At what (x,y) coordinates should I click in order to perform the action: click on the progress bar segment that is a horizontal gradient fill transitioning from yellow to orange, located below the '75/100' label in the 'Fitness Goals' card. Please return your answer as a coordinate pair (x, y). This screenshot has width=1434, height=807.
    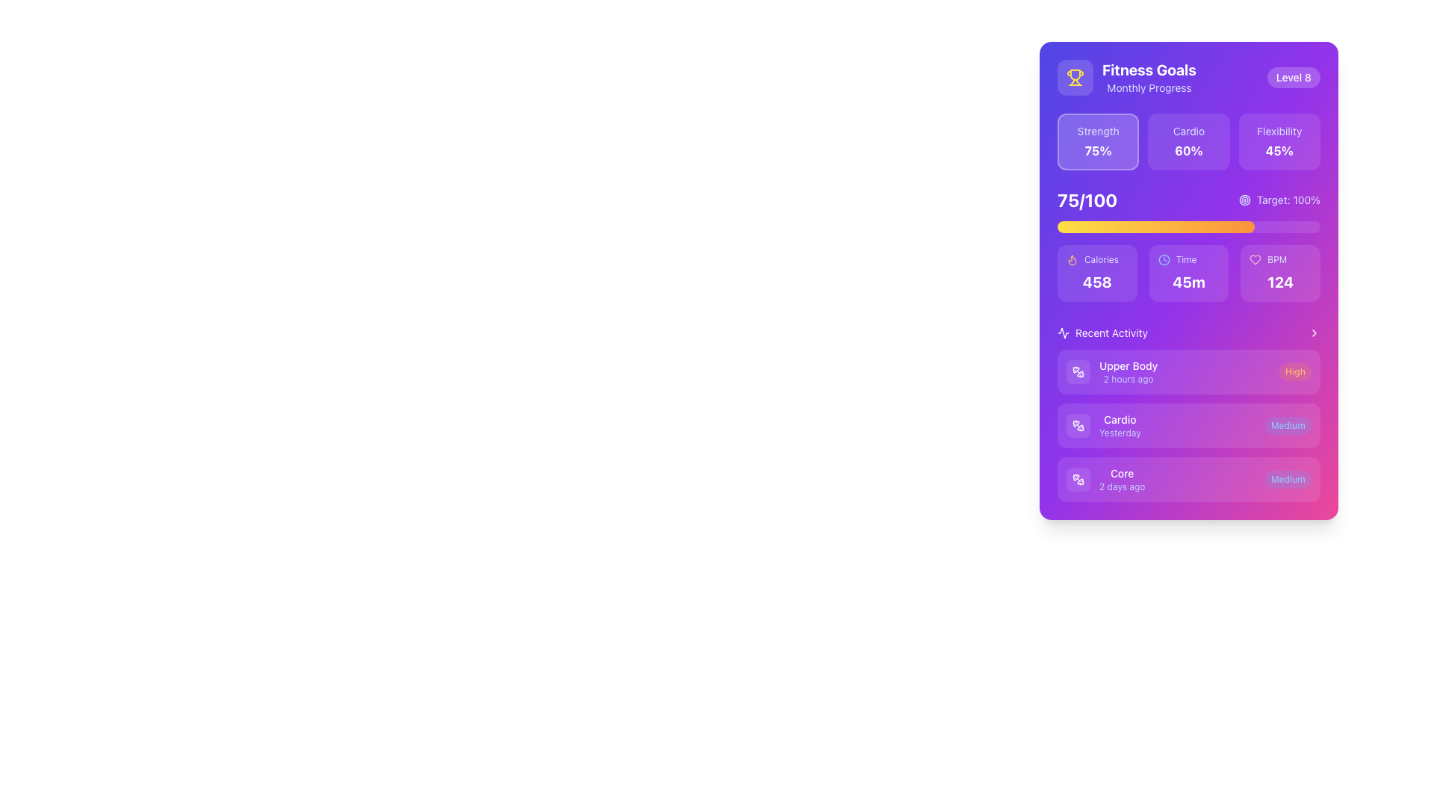
    Looking at the image, I should click on (1155, 227).